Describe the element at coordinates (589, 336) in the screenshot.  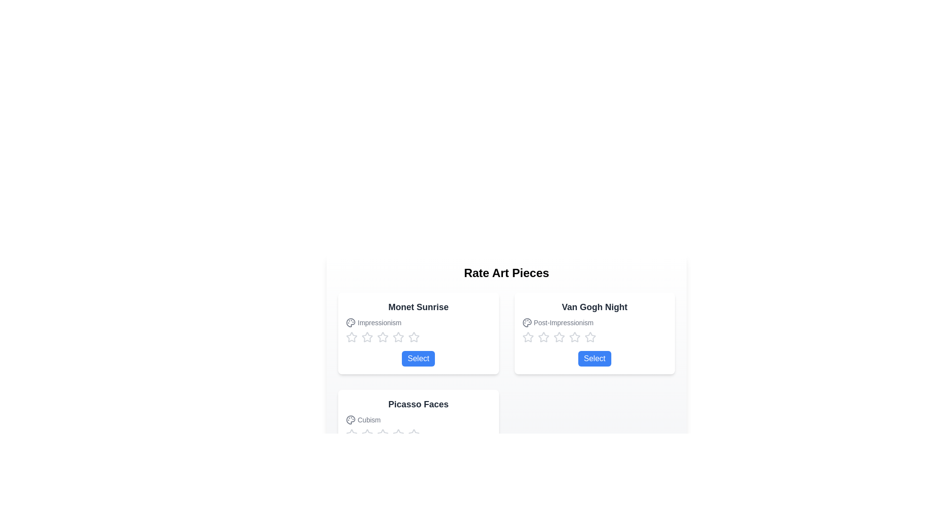
I see `the fourth star-shaped rating icon outlined in gray within the 'Van Gogh Night' card labeled 'Post-Impressionism'` at that location.